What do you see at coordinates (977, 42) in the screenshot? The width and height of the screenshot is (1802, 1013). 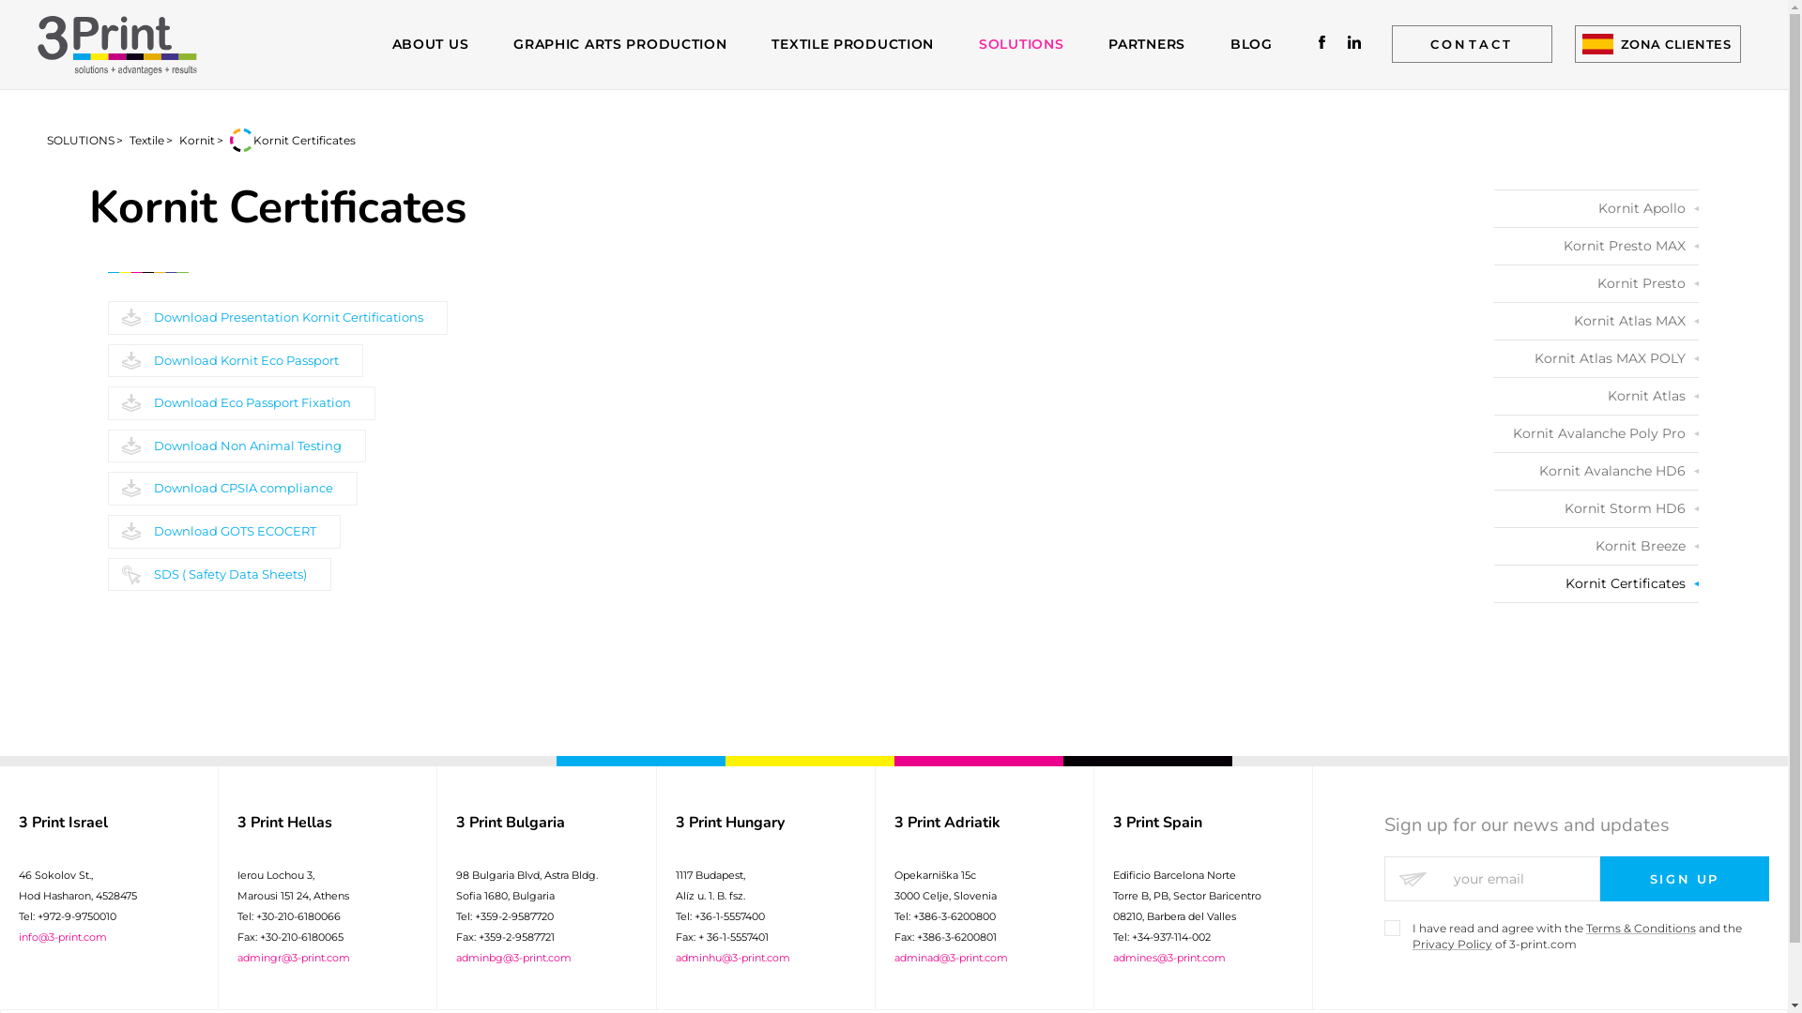 I see `'SOLUTIONS'` at bounding box center [977, 42].